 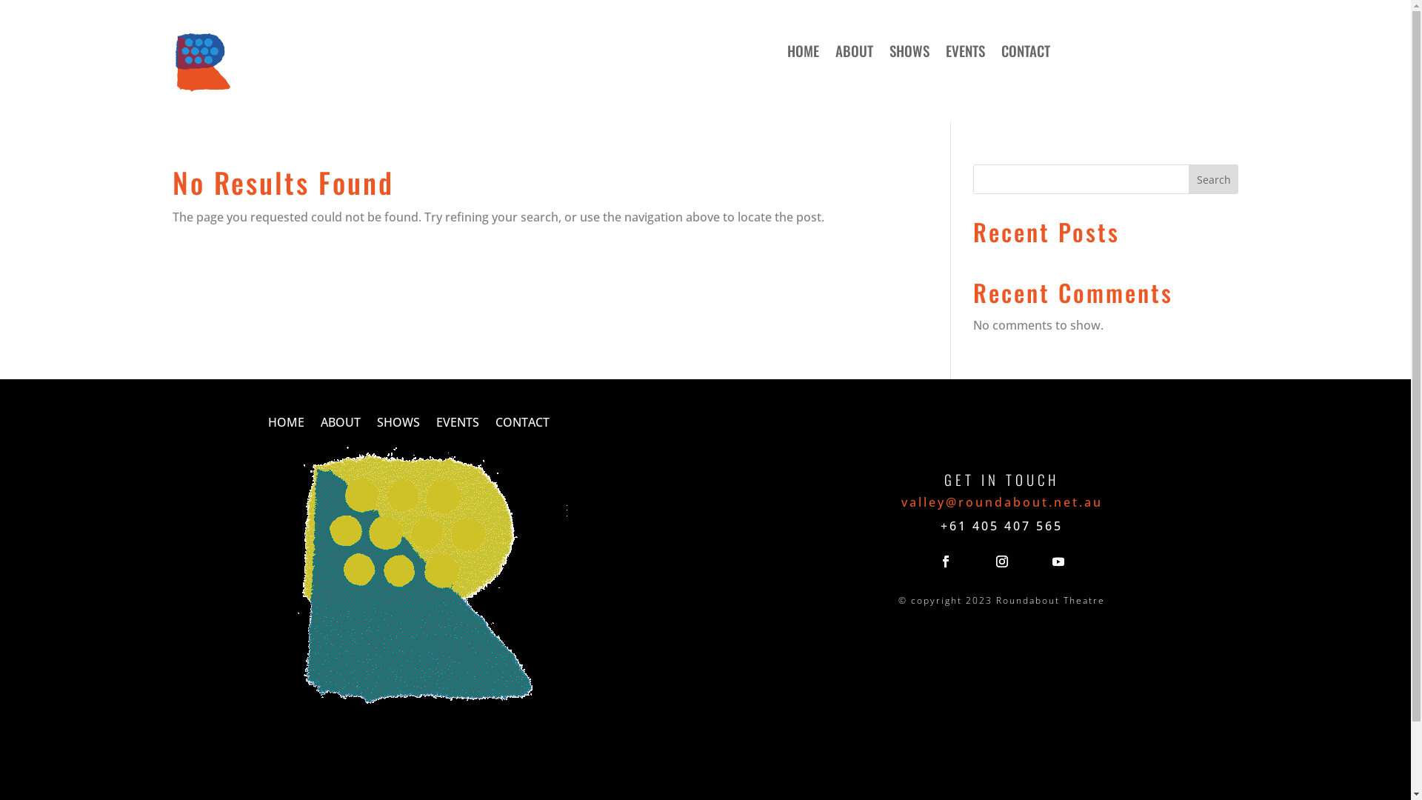 I want to click on 'ABOUT', so click(x=340, y=425).